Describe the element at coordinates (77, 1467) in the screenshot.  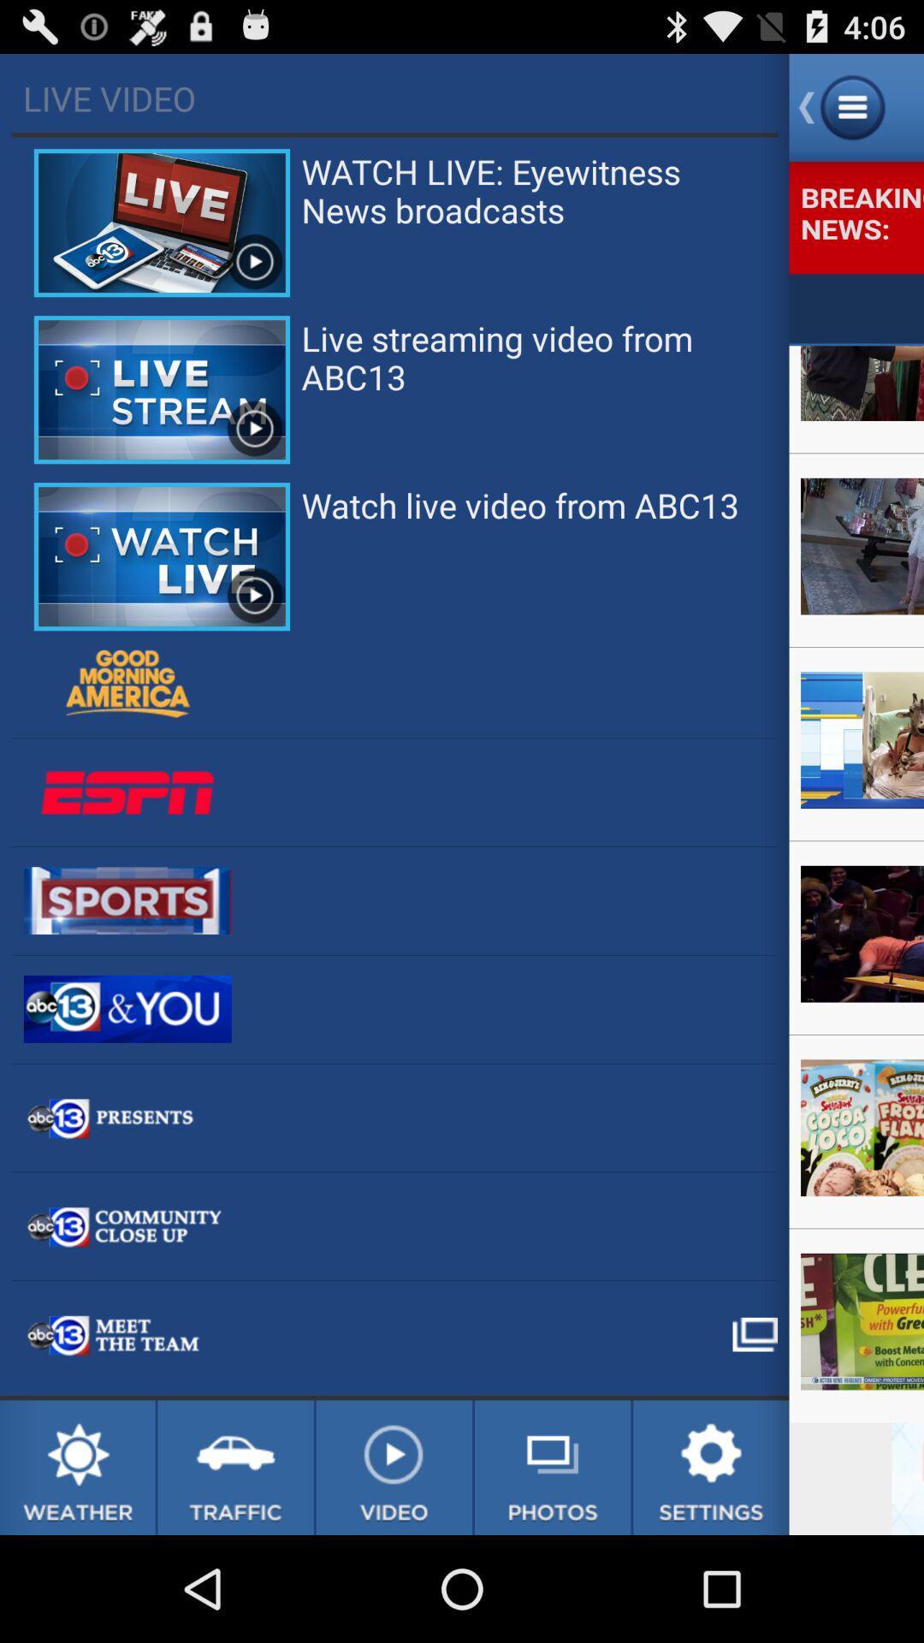
I see `switch to weather tab` at that location.